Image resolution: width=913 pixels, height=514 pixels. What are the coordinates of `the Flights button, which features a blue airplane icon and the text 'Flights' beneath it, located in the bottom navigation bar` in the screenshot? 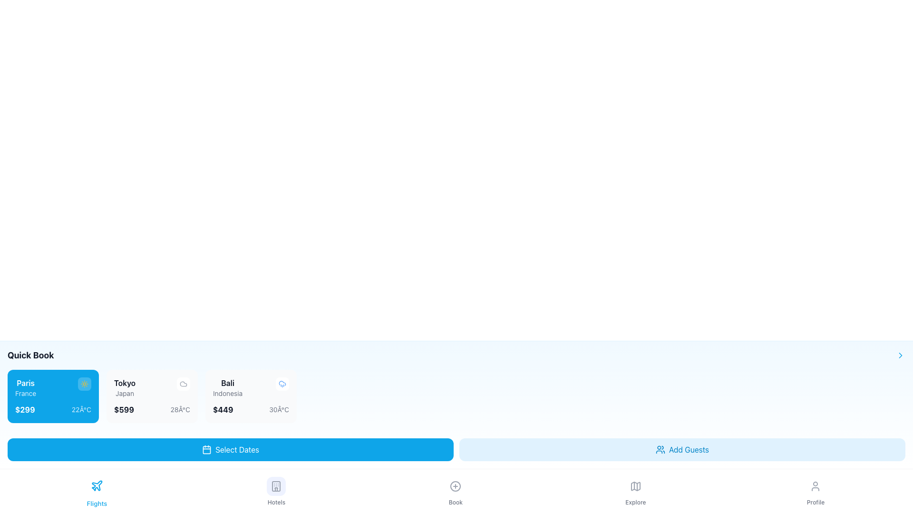 It's located at (97, 492).